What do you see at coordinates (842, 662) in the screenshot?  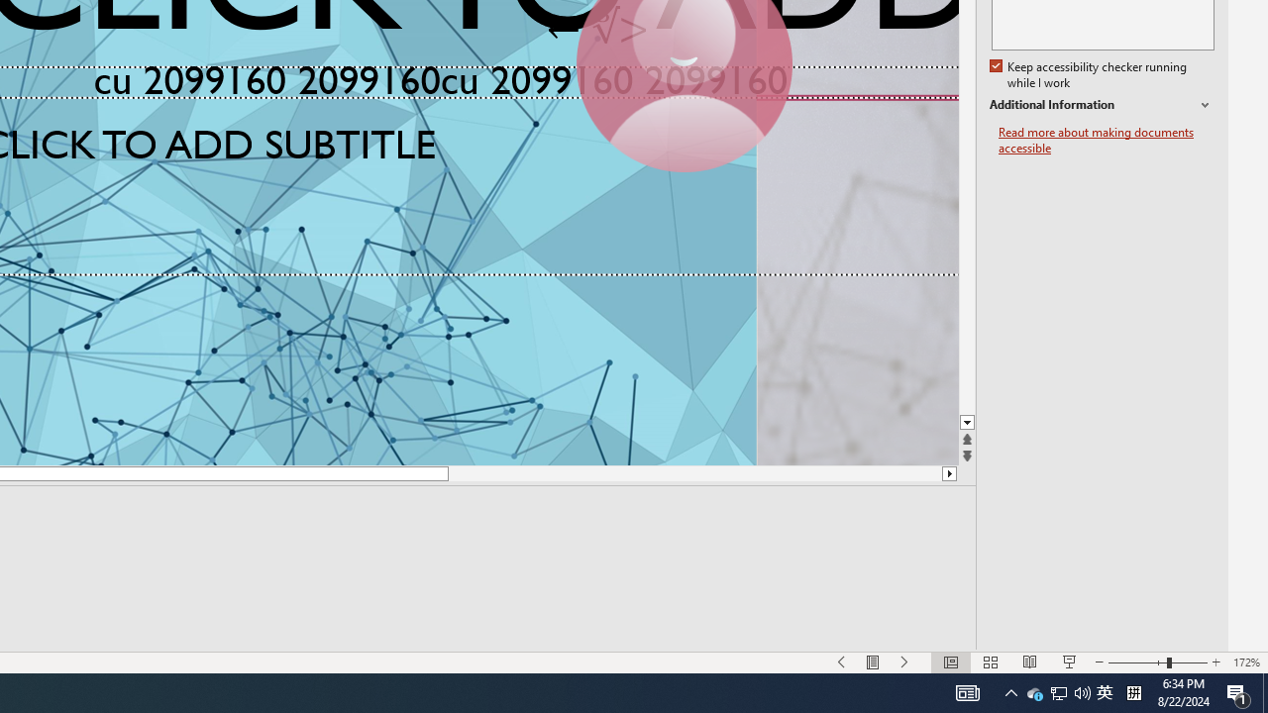 I see `'Slide Show Previous On'` at bounding box center [842, 662].